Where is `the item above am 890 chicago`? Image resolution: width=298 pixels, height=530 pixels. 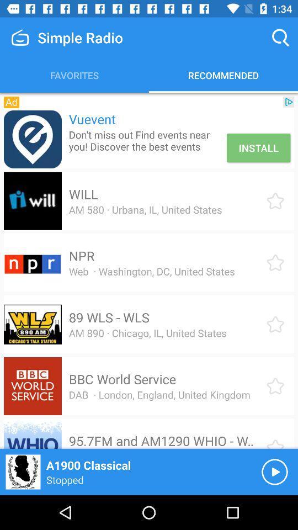 the item above am 890 chicago is located at coordinates (109, 317).